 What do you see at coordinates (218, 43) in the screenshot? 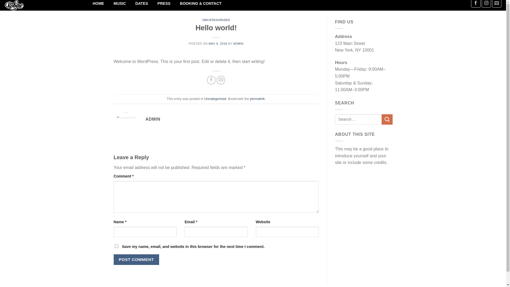
I see `'MAY 9, 2018'` at bounding box center [218, 43].